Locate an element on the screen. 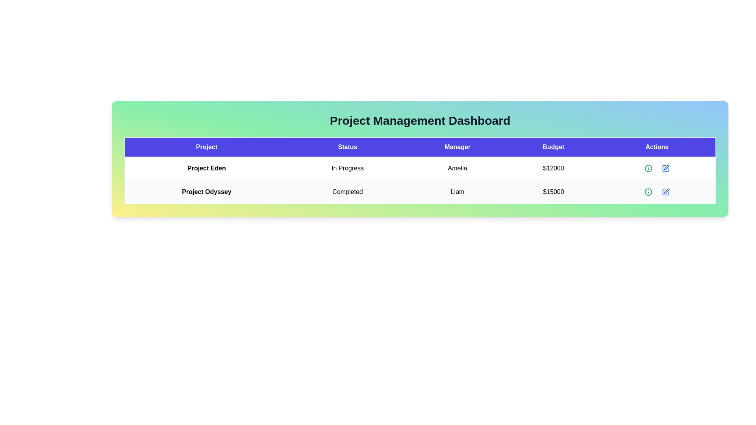  the 'Manager' text label in the third column of the blue header row in the table, which features white centered text on a blue background is located at coordinates (457, 147).